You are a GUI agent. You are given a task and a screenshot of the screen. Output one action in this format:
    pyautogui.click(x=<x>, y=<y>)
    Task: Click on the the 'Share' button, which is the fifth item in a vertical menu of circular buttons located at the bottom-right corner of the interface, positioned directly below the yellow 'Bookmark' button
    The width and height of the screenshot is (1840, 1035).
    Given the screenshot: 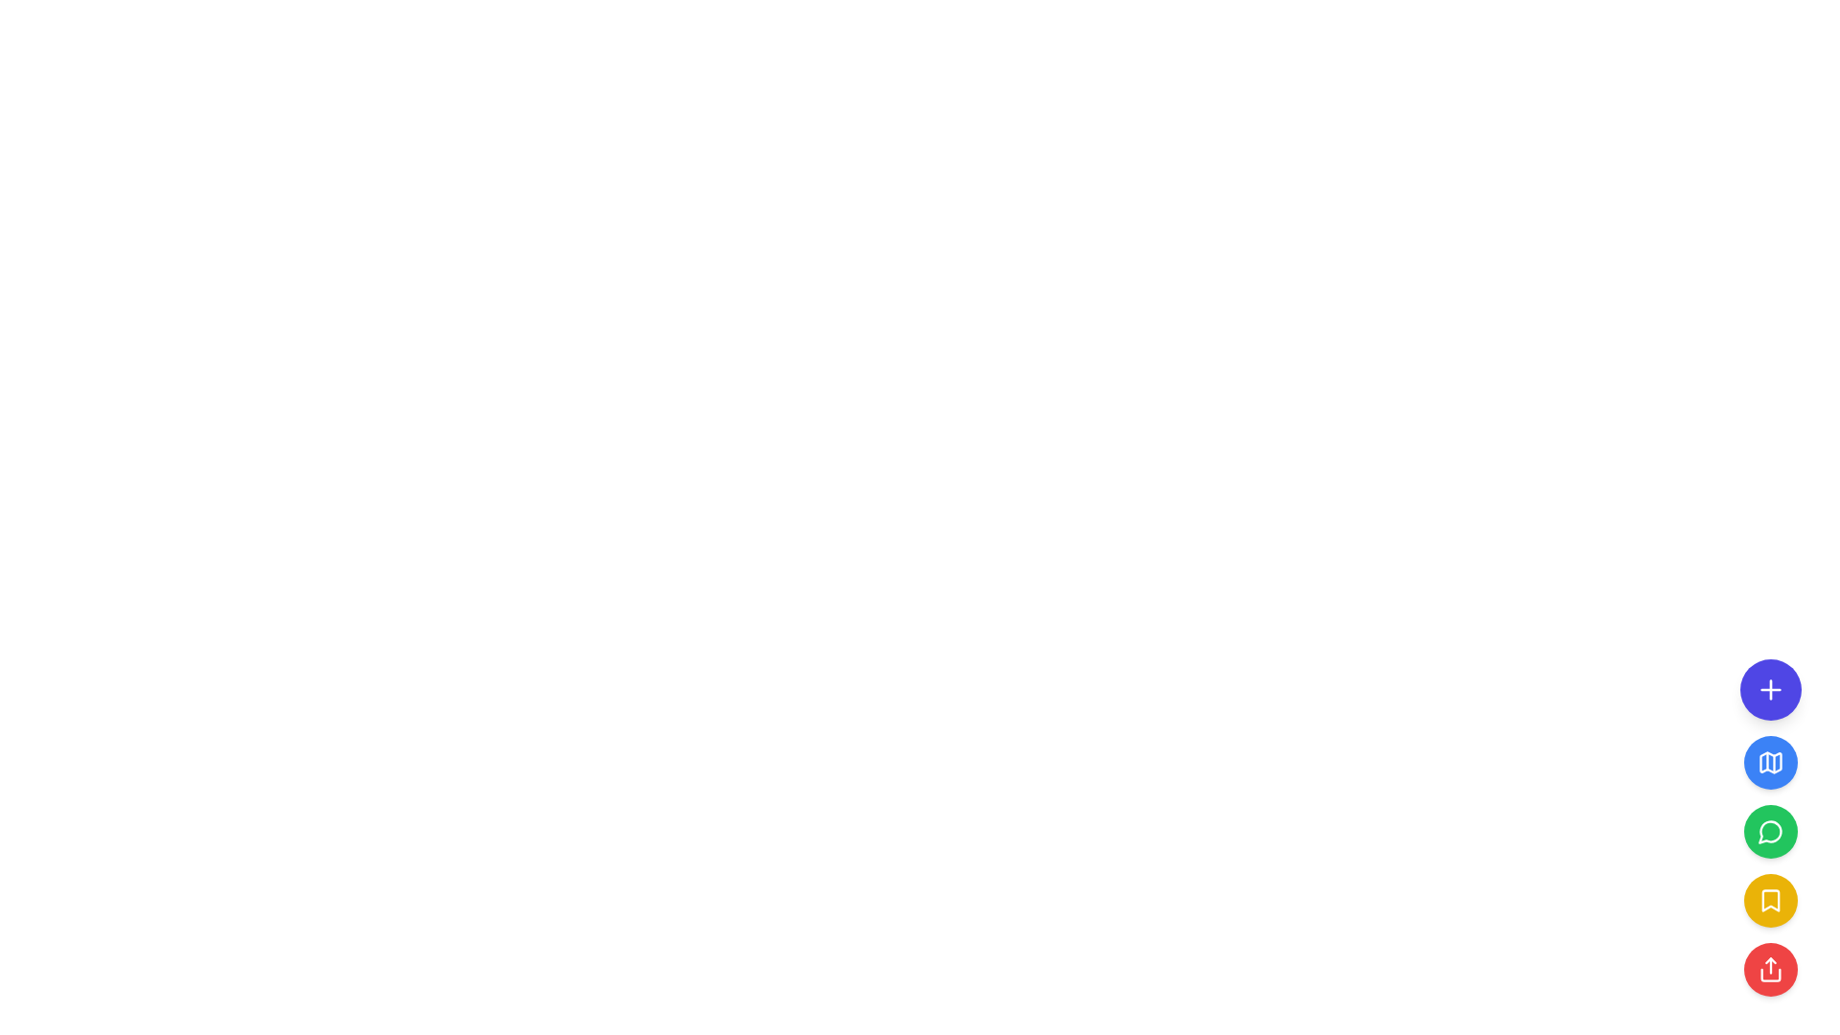 What is the action you would take?
    pyautogui.click(x=1770, y=969)
    